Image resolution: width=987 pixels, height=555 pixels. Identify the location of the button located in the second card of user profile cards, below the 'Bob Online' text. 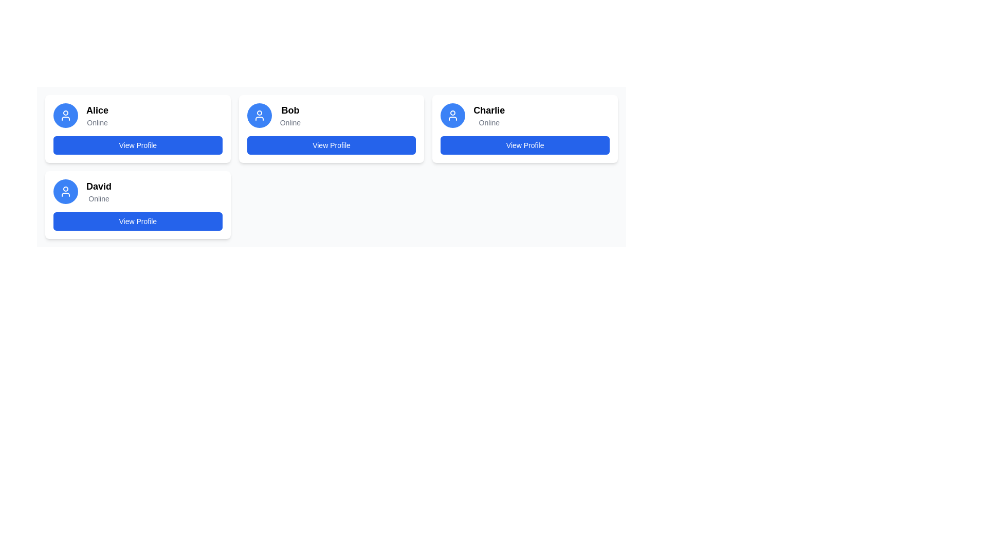
(331, 145).